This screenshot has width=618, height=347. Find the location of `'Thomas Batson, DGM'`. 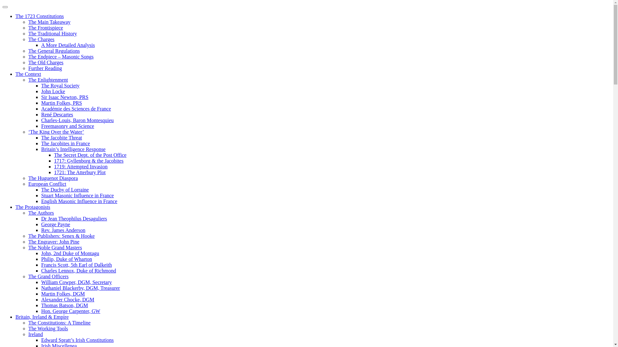

'Thomas Batson, DGM' is located at coordinates (64, 305).